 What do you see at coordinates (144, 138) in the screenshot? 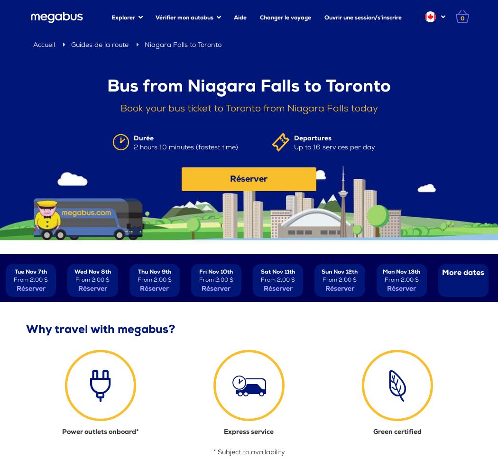
I see `'Durée'` at bounding box center [144, 138].